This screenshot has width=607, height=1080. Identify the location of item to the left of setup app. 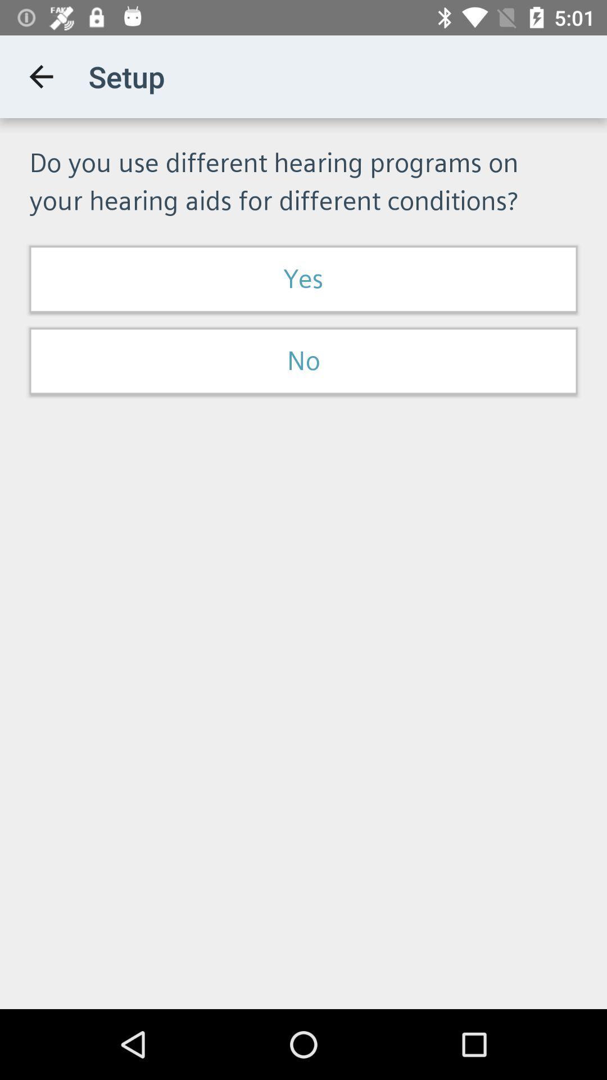
(40, 76).